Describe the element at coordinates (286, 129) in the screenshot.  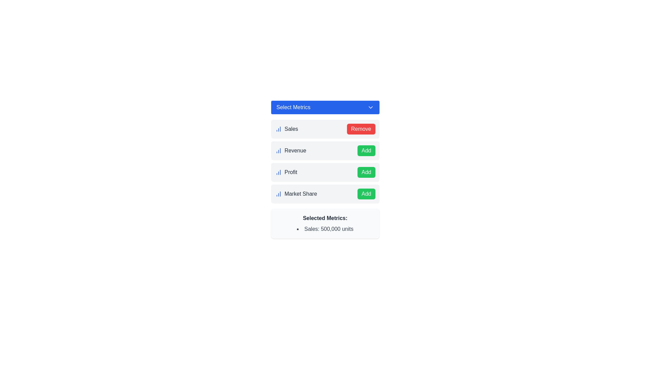
I see `the 'Sales' label, which identifies a metric and is located to the left of the 'Remove' button and above the 'Revenue' label` at that location.